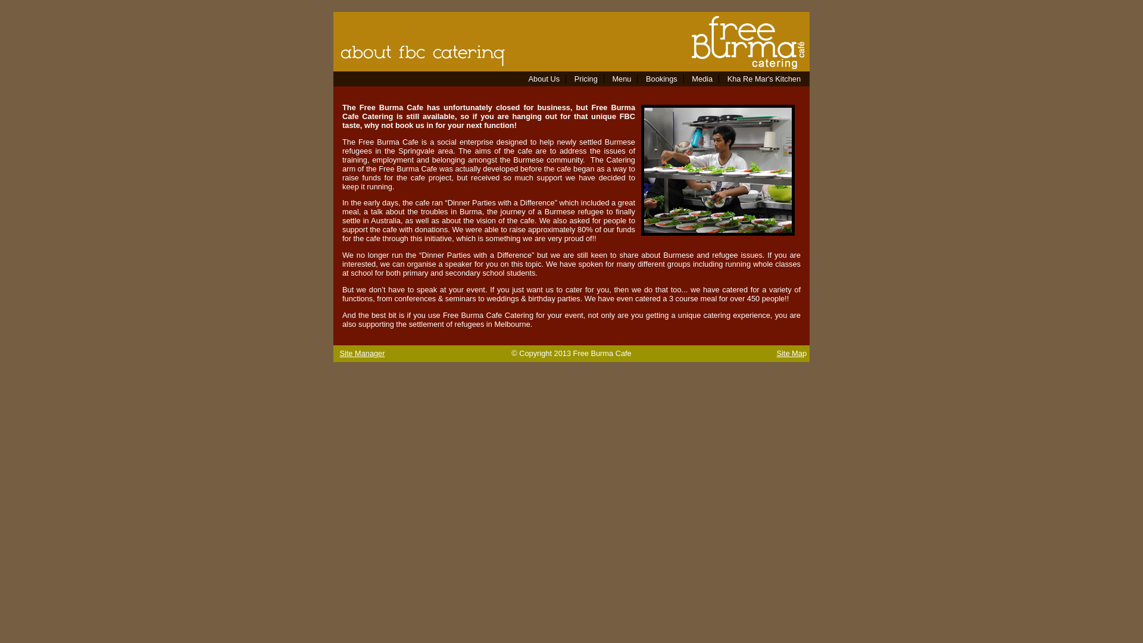 This screenshot has width=1143, height=643. Describe the element at coordinates (620, 79) in the screenshot. I see `'Menu'` at that location.